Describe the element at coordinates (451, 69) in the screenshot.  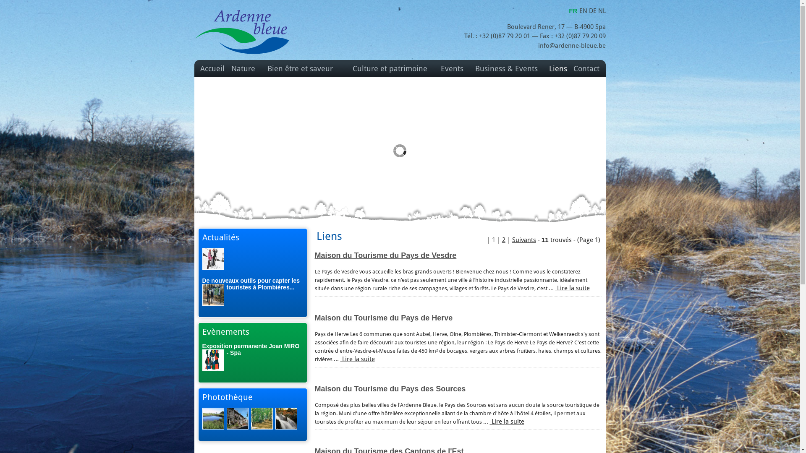
I see `'Events'` at that location.